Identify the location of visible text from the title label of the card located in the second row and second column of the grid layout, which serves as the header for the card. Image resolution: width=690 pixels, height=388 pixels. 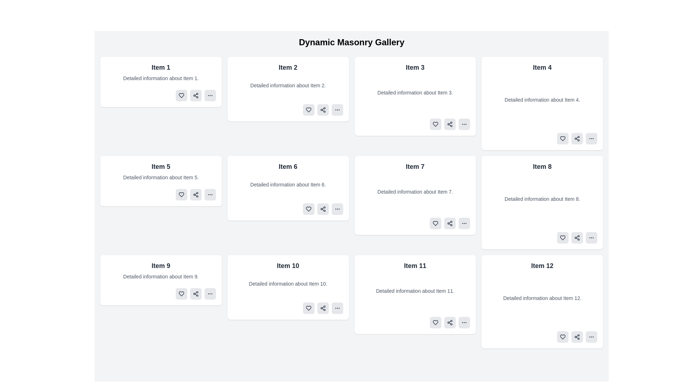
(288, 166).